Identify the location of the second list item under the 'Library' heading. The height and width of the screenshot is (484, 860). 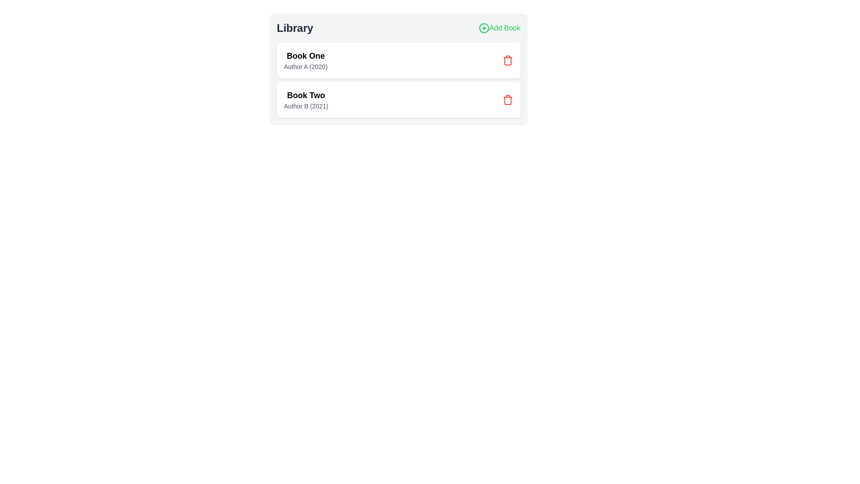
(306, 100).